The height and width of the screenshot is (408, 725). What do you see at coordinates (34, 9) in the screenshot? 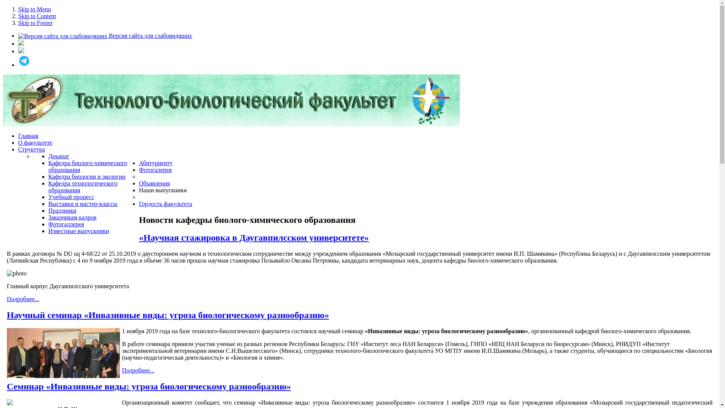
I see `'Skip to Menu'` at bounding box center [34, 9].